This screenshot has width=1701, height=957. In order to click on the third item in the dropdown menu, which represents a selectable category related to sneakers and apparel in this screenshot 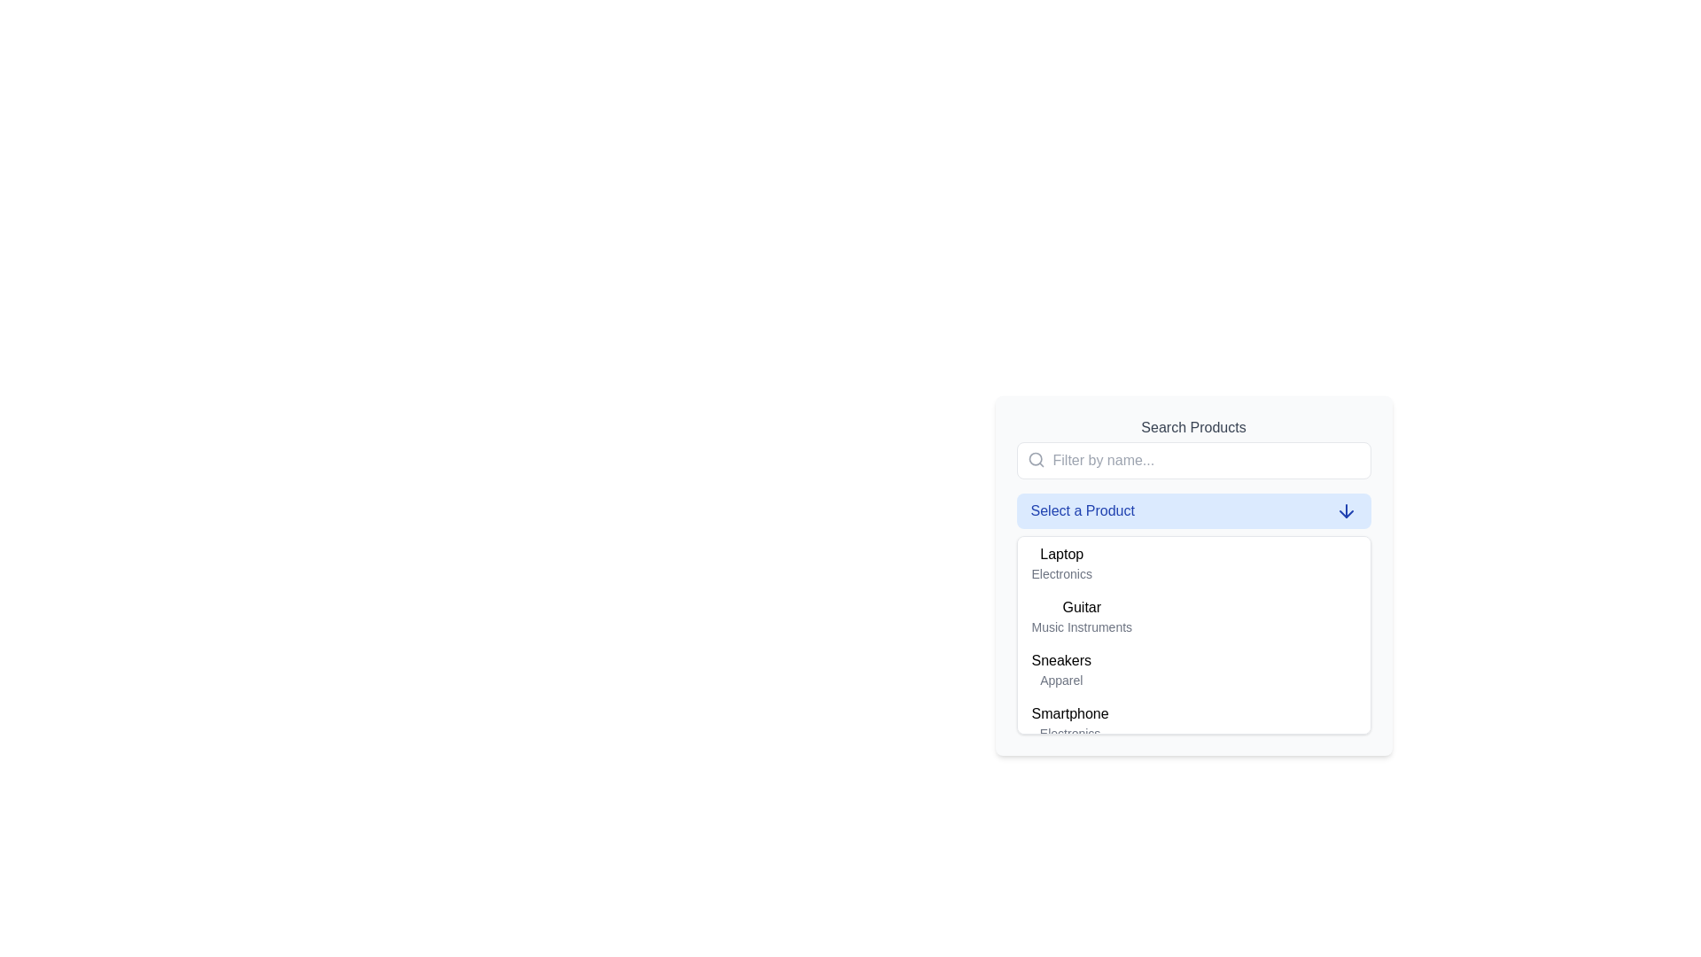, I will do `click(1061, 670)`.